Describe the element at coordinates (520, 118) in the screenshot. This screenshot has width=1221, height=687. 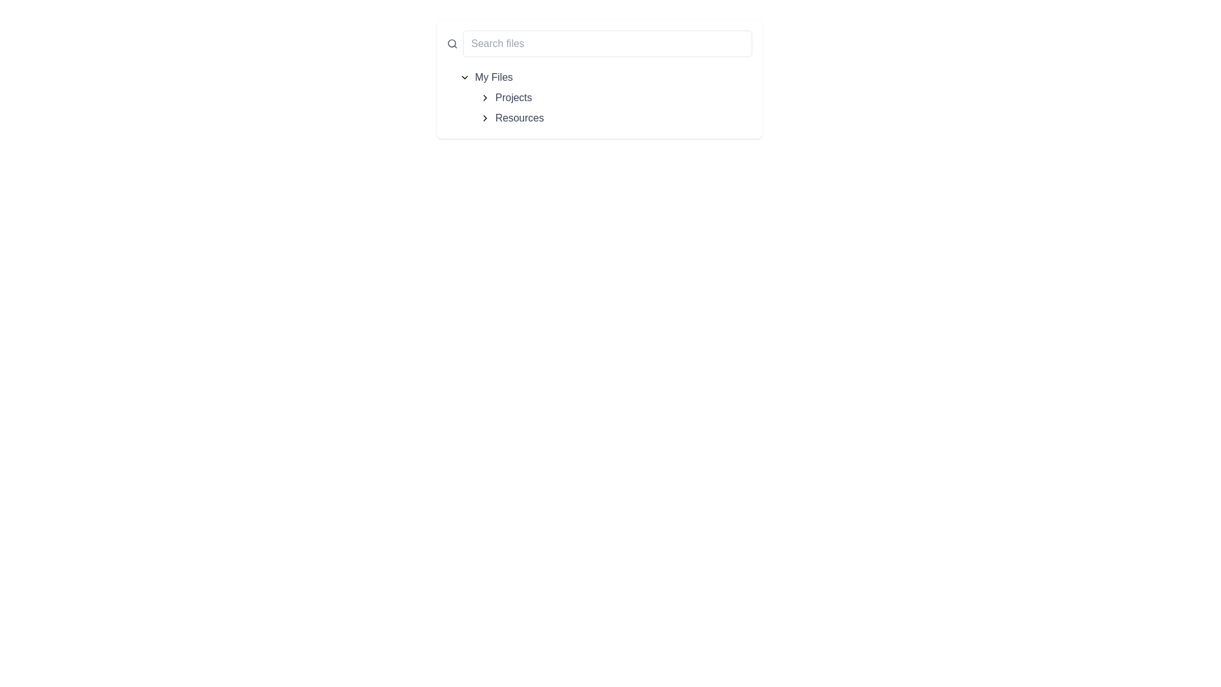
I see `the 'Resources' label in the sidebar menu` at that location.